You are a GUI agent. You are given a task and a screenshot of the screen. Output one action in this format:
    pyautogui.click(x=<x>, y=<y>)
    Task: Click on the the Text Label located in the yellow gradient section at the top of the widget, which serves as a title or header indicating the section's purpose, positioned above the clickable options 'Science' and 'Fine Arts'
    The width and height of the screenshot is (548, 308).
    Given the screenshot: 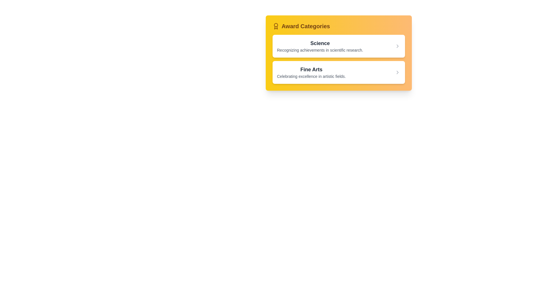 What is the action you would take?
    pyautogui.click(x=305, y=26)
    